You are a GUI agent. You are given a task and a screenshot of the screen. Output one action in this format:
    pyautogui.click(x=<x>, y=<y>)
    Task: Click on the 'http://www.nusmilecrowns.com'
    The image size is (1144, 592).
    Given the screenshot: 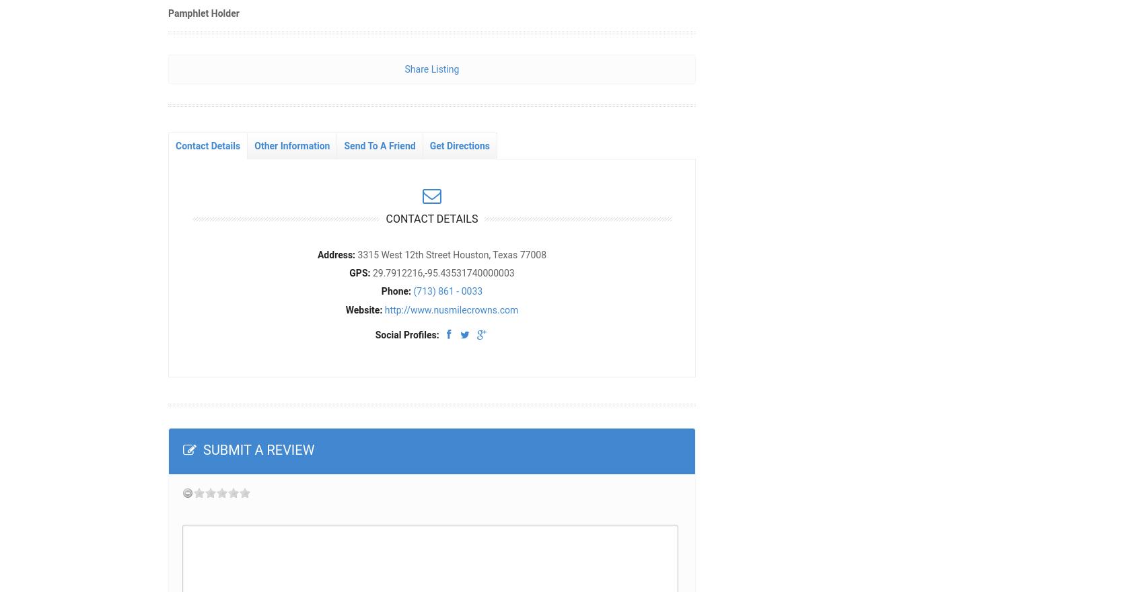 What is the action you would take?
    pyautogui.click(x=451, y=308)
    